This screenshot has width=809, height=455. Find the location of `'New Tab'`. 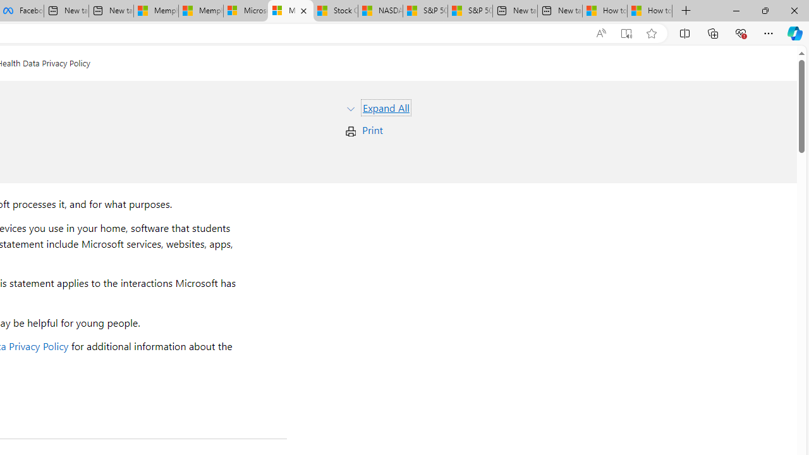

'New Tab' is located at coordinates (686, 11).